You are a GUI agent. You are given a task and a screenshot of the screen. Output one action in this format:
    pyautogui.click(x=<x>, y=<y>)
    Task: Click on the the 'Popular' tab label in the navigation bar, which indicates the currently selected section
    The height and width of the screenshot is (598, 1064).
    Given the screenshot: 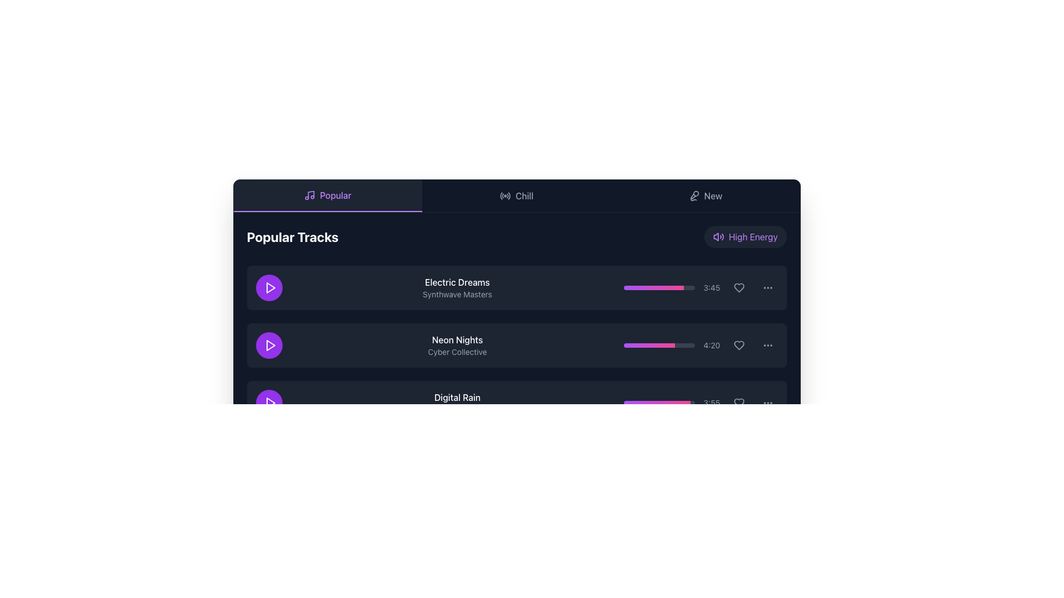 What is the action you would take?
    pyautogui.click(x=335, y=195)
    